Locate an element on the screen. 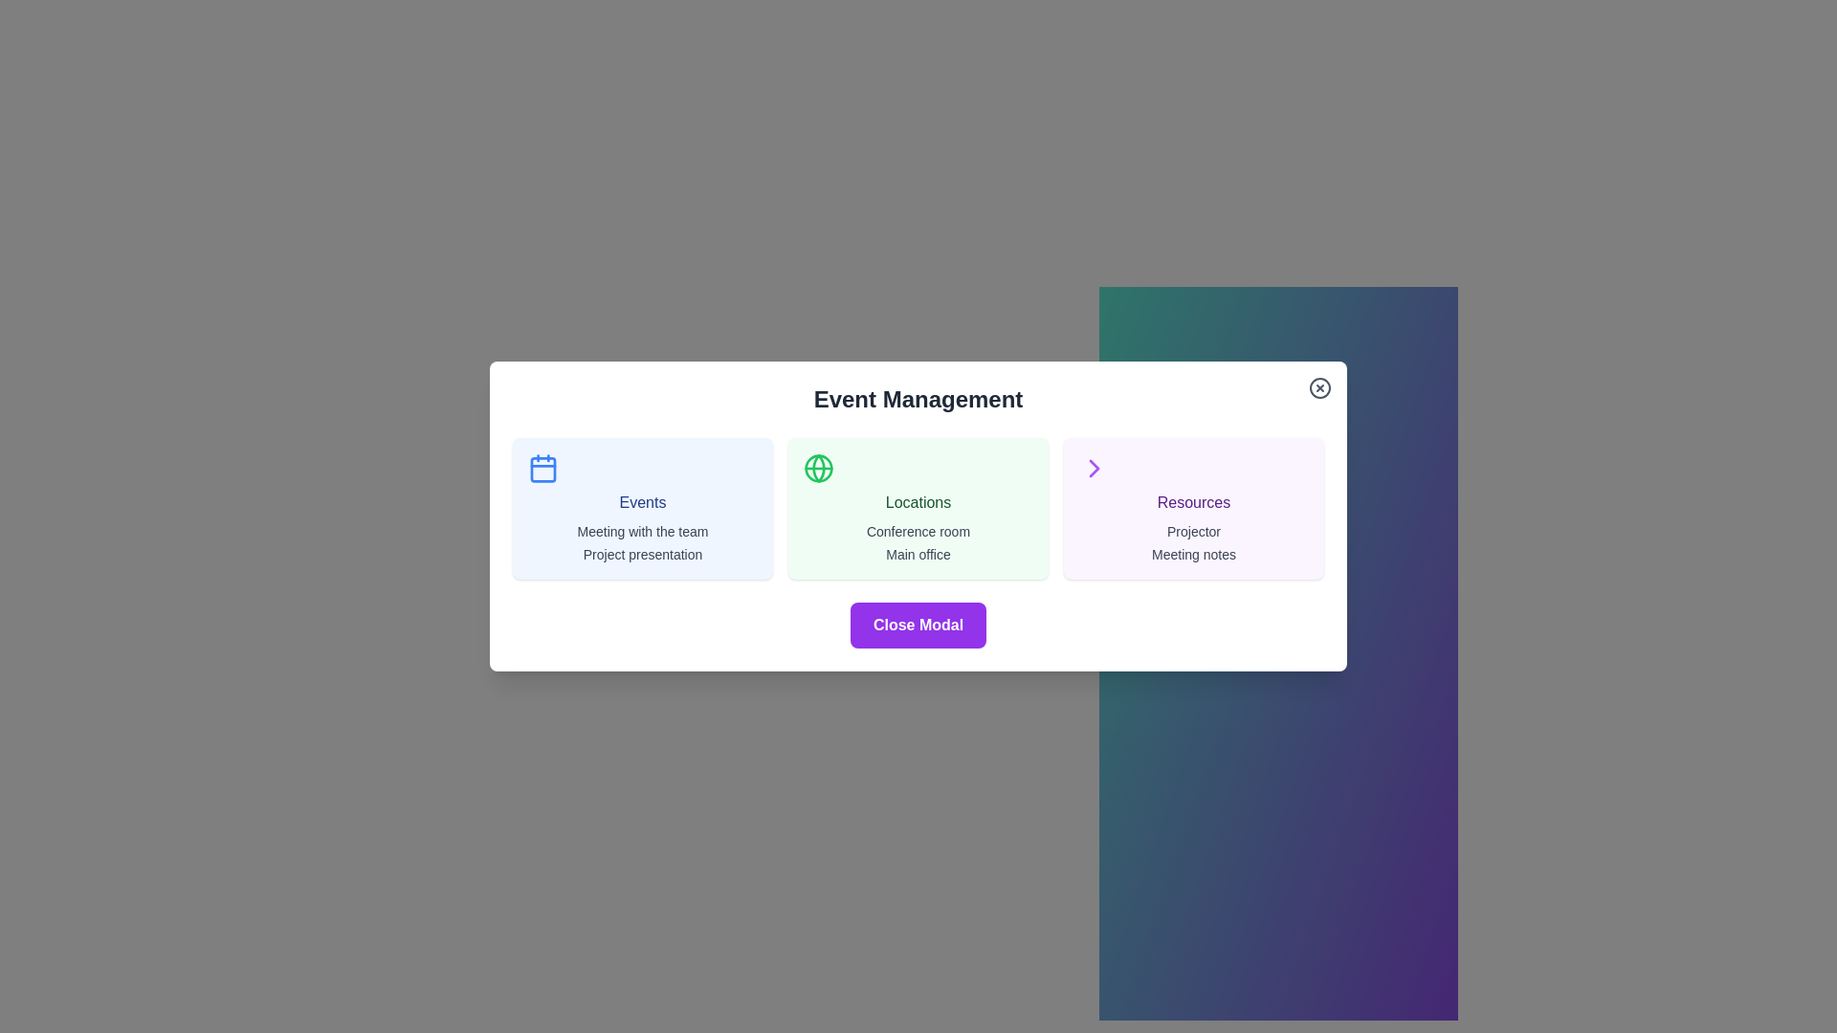 Image resolution: width=1837 pixels, height=1033 pixels. the circular 'X' button with a gray border at the top-right corner of the modal is located at coordinates (1319, 387).